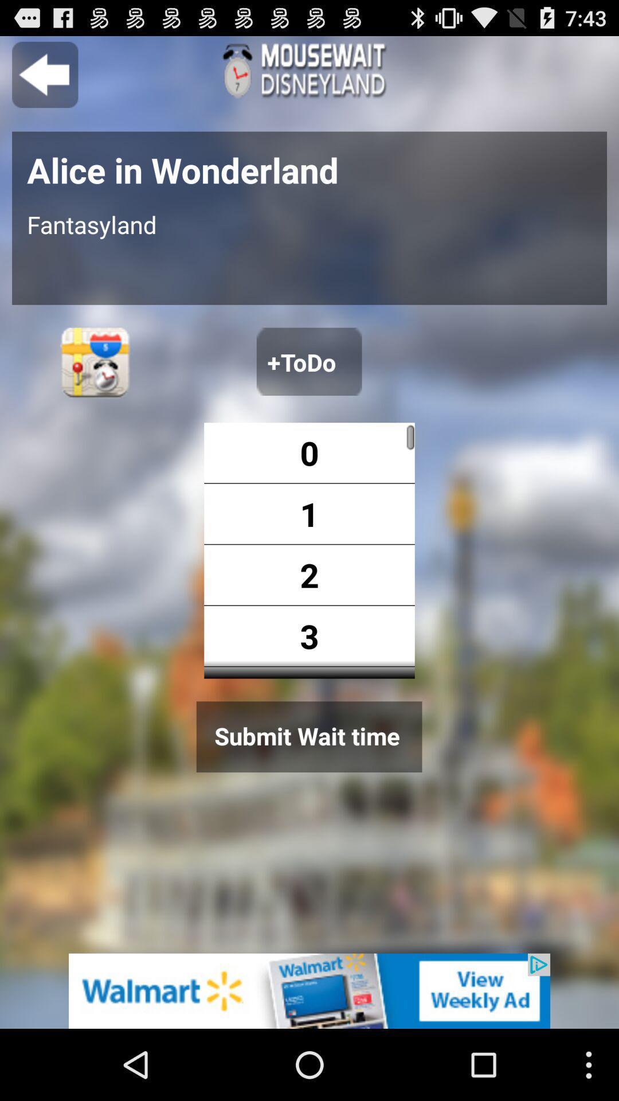  I want to click on the arrow_backward icon, so click(44, 79).